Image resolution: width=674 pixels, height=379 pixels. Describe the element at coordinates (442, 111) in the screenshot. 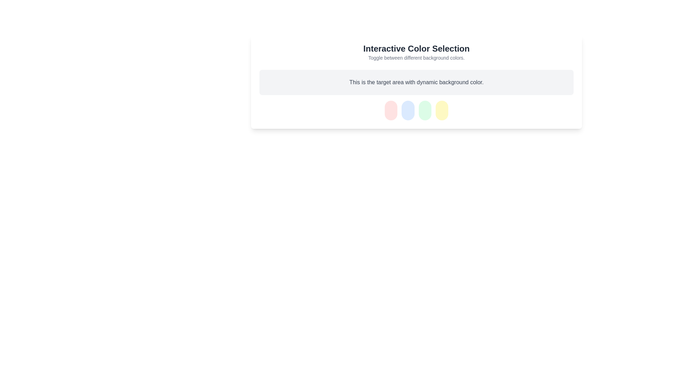

I see `the circular button with a yellow background, located under the 'Interactive Color Selection' text block` at that location.